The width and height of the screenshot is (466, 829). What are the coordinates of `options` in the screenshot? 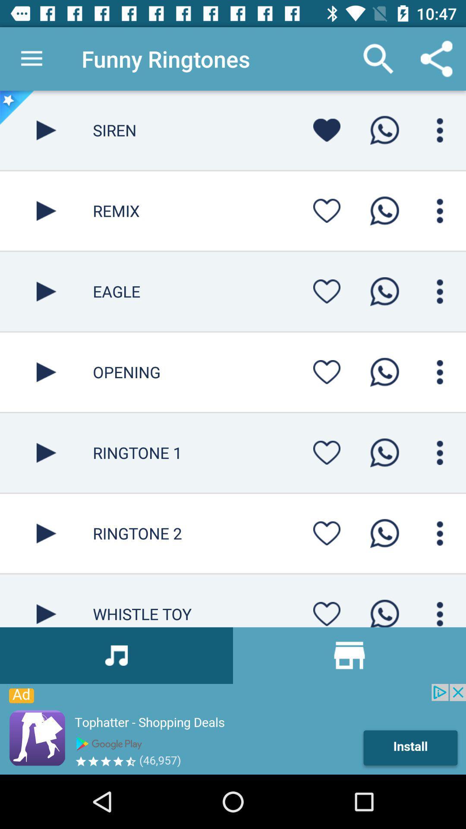 It's located at (440, 533).